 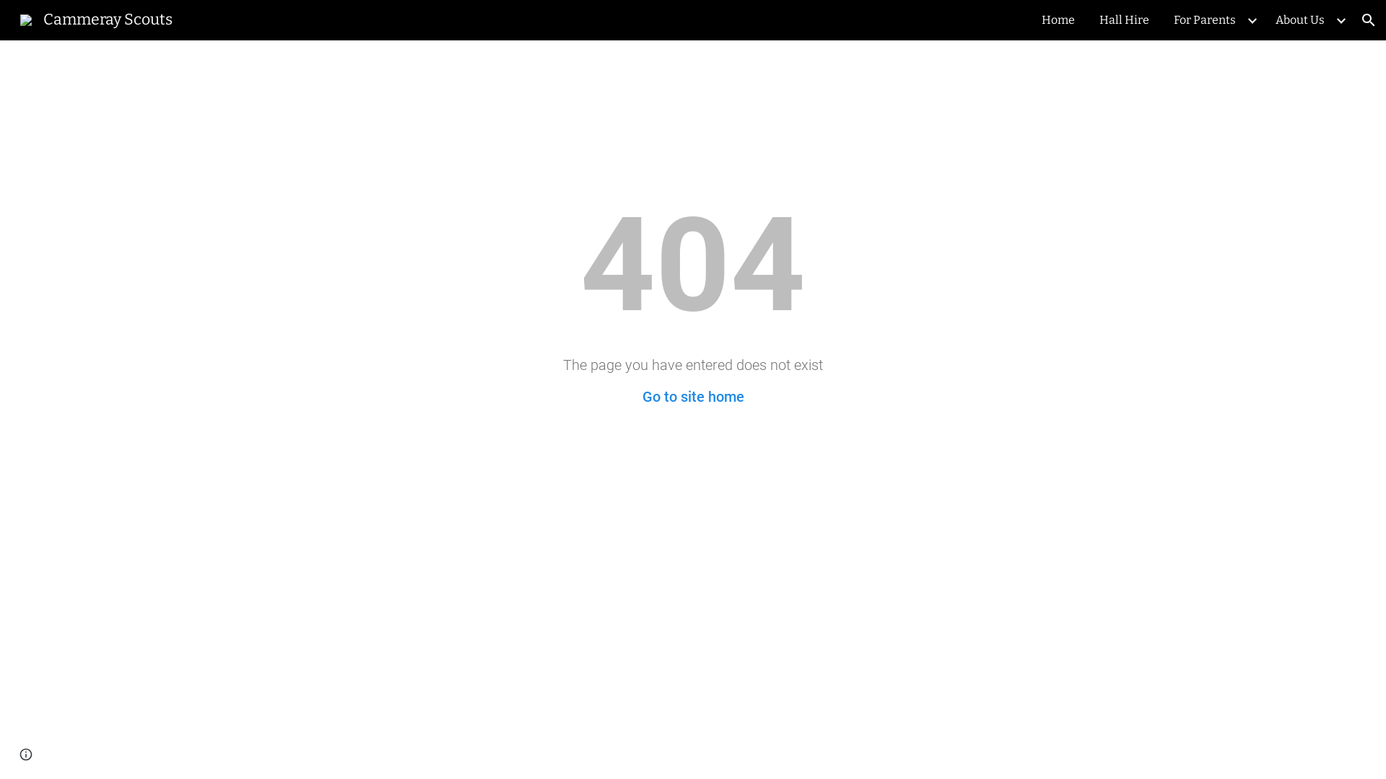 What do you see at coordinates (641, 397) in the screenshot?
I see `'Go to site home'` at bounding box center [641, 397].